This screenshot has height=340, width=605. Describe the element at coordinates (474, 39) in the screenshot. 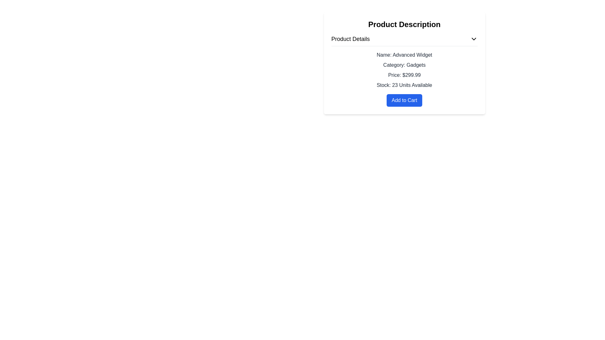

I see `the arrow icon button located at the far right of the 'Product Details' section header` at that location.